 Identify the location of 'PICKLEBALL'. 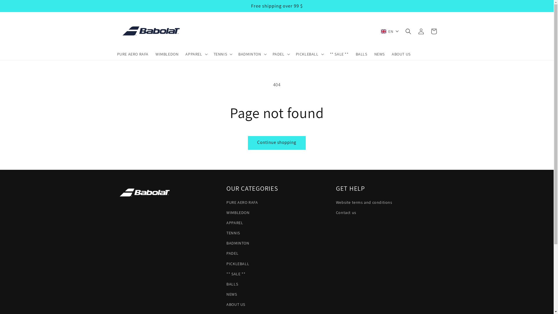
(237, 264).